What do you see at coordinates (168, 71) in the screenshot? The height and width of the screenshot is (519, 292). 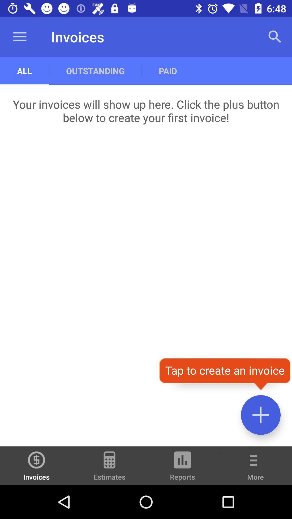 I see `paid item` at bounding box center [168, 71].